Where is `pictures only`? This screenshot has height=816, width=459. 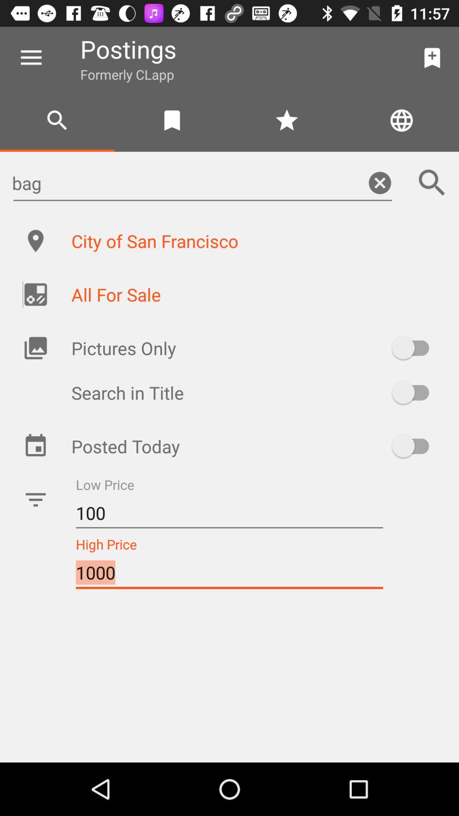
pictures only is located at coordinates (414, 348).